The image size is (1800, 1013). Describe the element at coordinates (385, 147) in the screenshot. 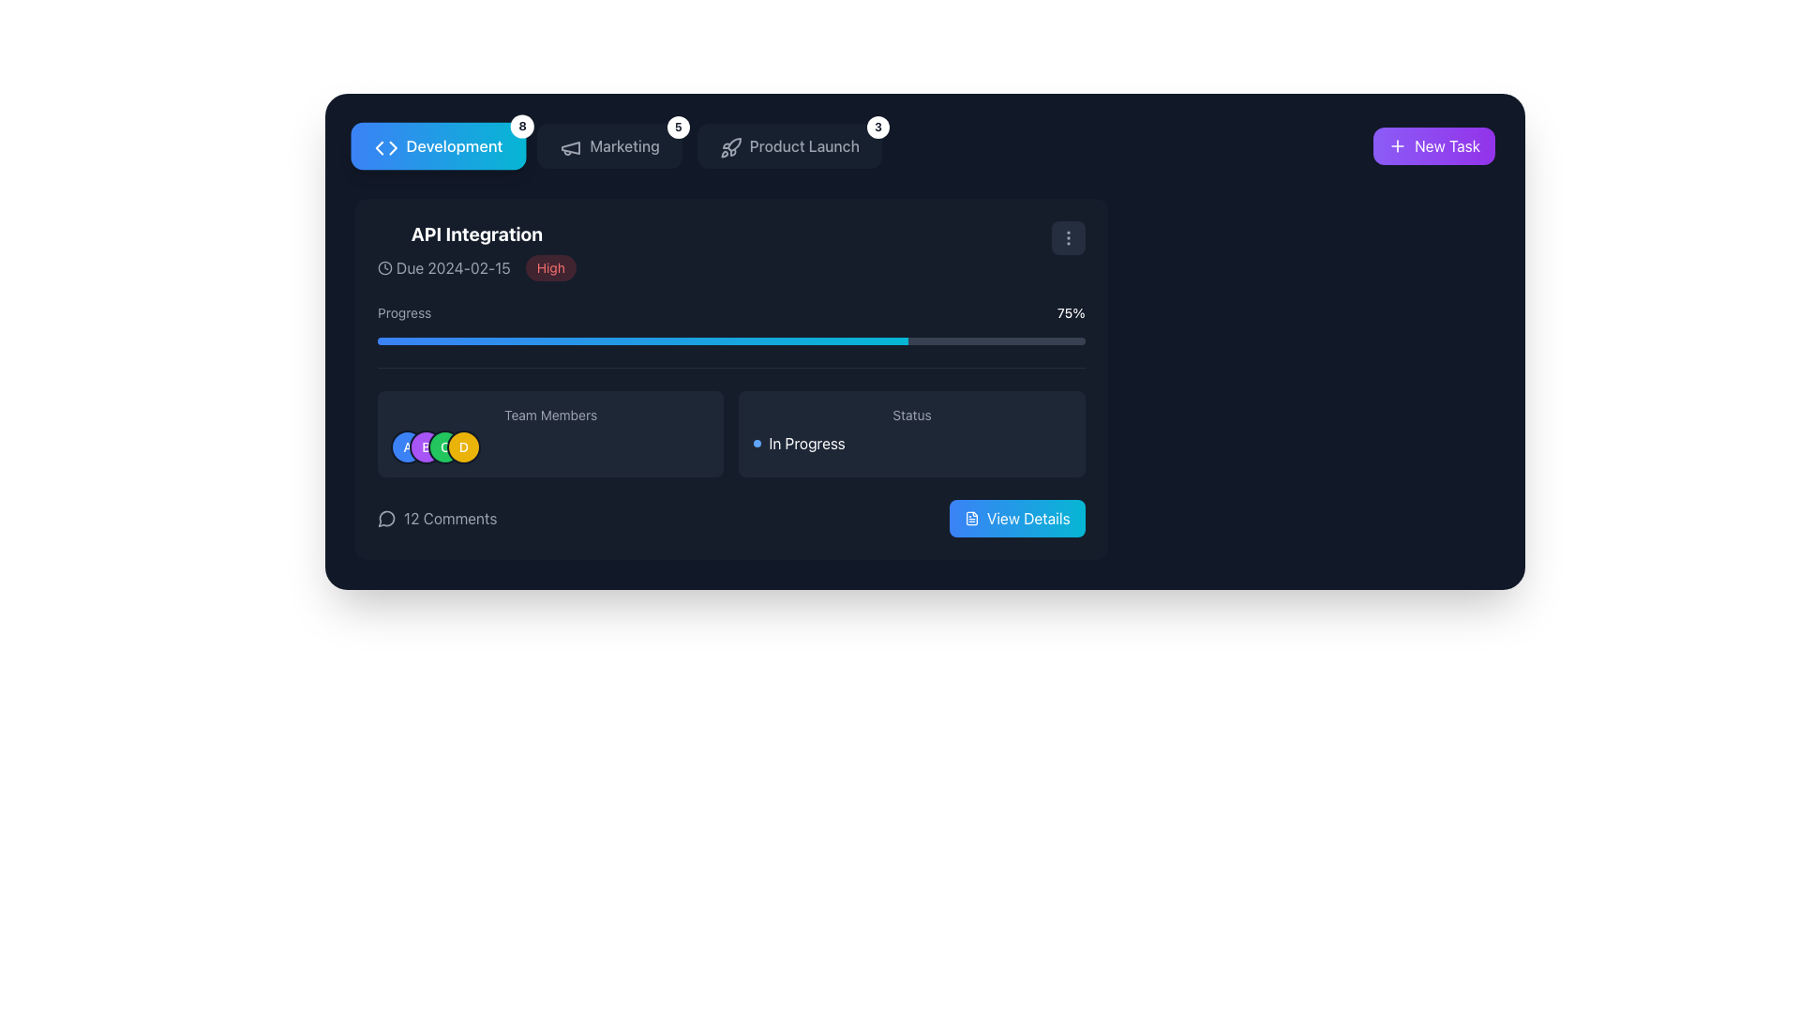

I see `the code symbol icon within the blue 'Development' tab located in the upper left section of the interface` at that location.